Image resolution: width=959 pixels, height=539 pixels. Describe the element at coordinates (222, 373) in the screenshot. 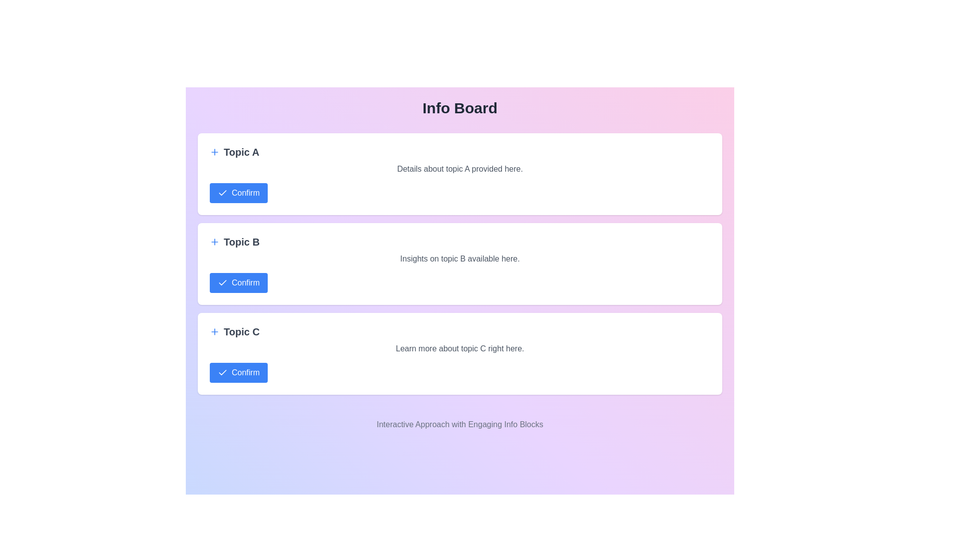

I see `the blue 'Confirm' button associated with the 'Topic C' section, which contains the checkmark icon for selection or affirmation` at that location.